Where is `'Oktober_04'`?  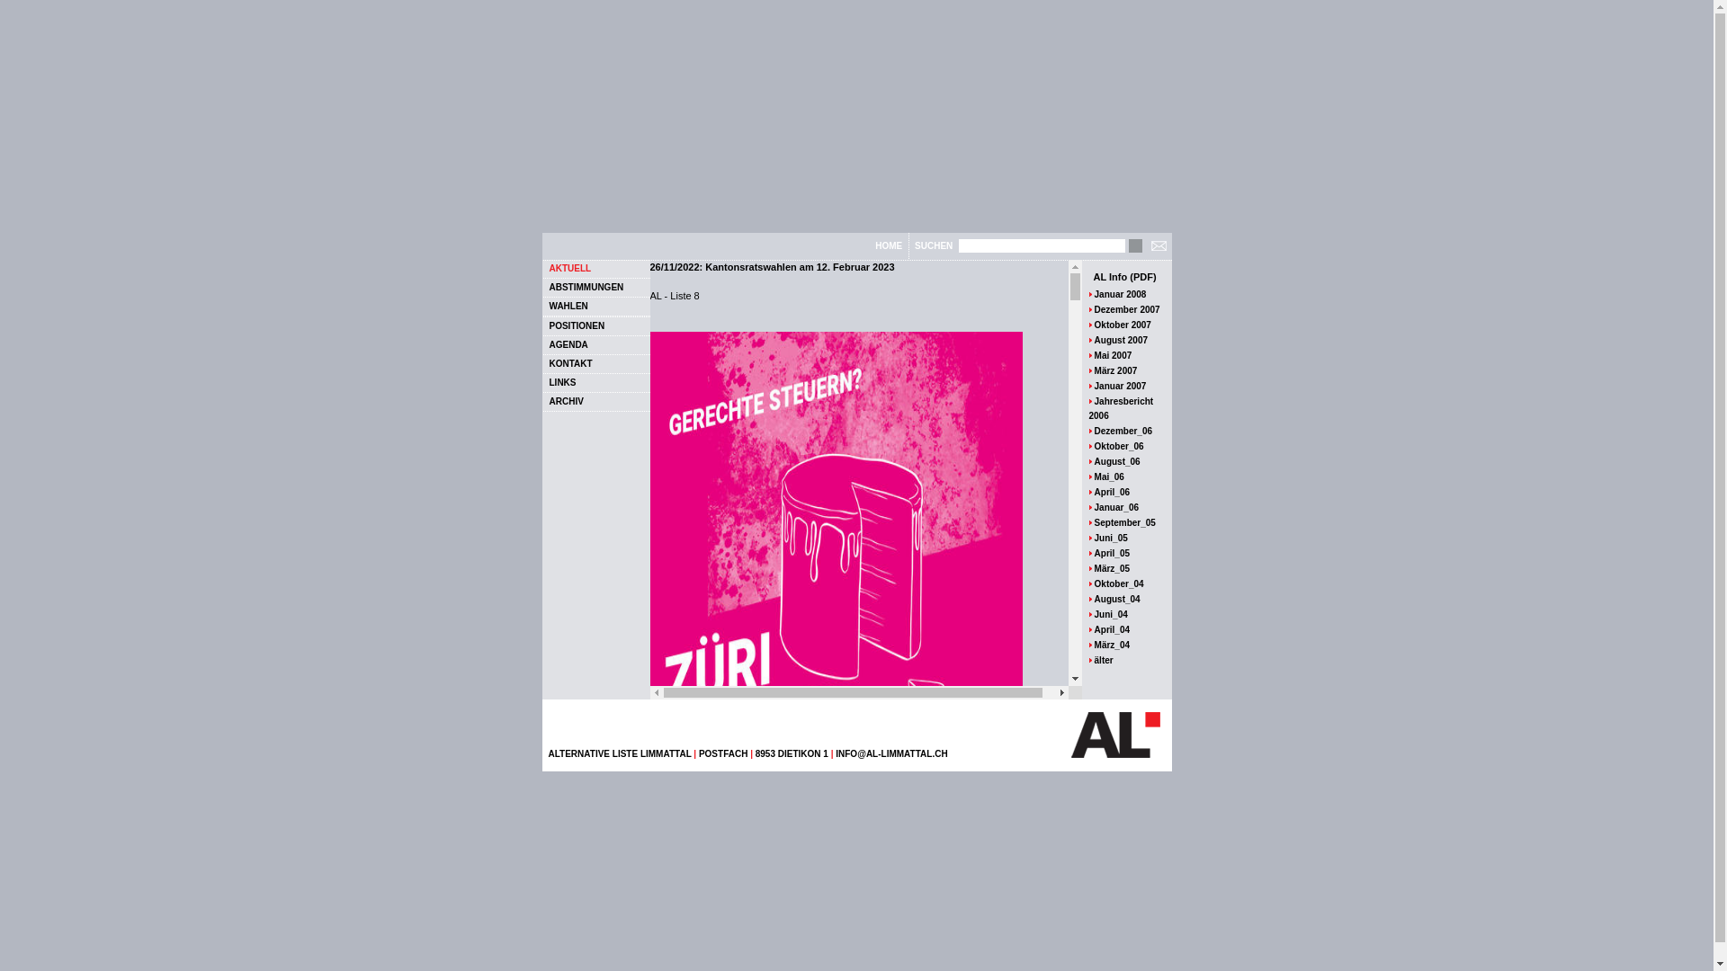
'Oktober_04' is located at coordinates (1118, 583).